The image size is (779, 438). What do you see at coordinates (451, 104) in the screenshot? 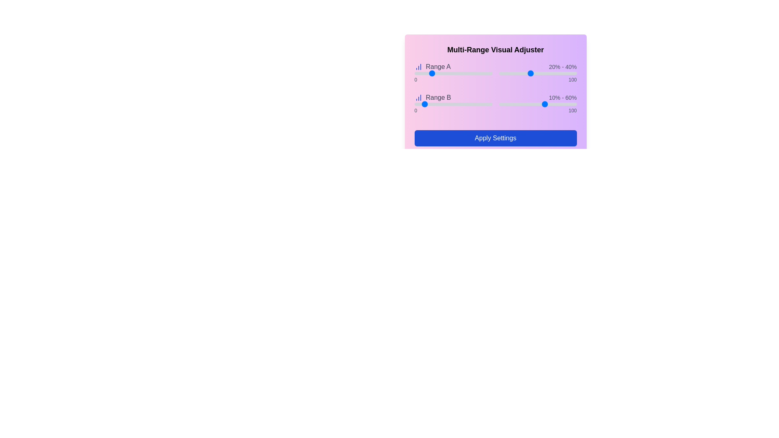
I see `the Range B slider position` at bounding box center [451, 104].